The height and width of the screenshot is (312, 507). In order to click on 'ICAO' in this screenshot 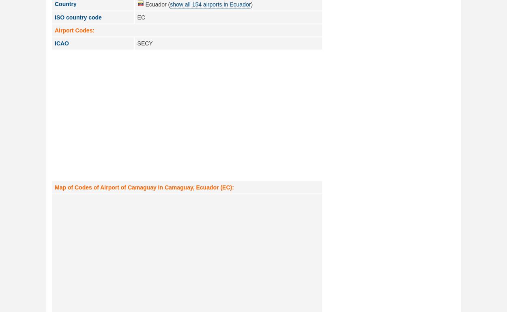, I will do `click(62, 43)`.